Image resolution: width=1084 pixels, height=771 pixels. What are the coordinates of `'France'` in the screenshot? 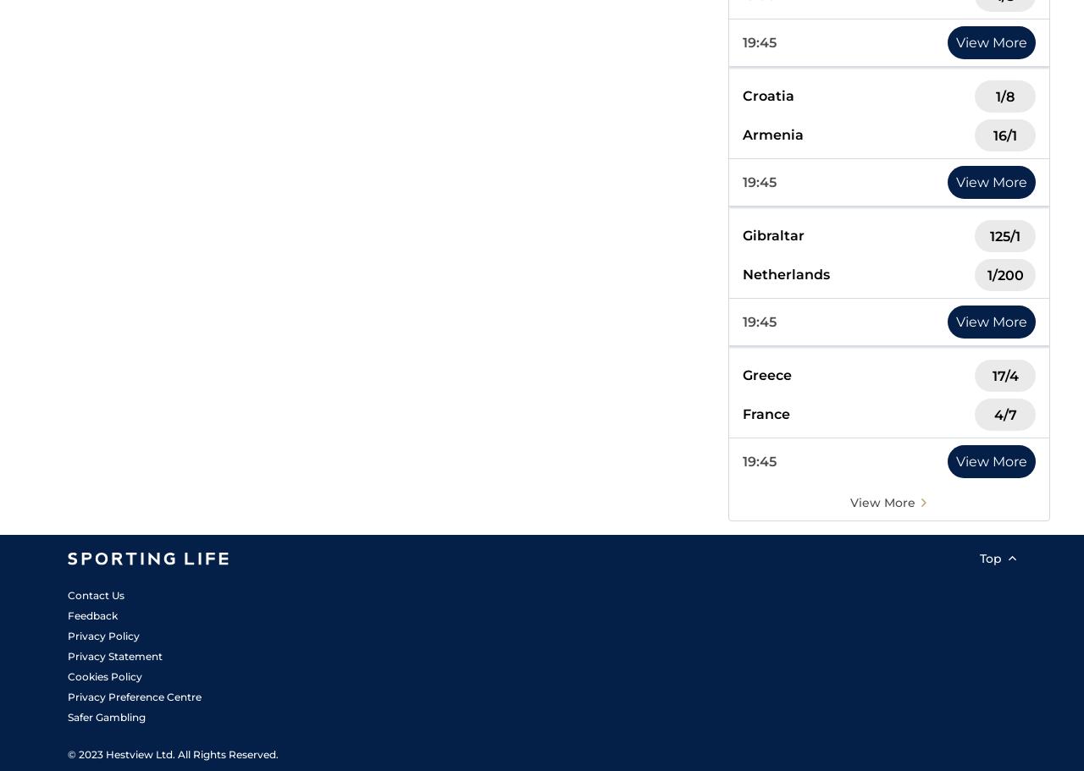 It's located at (765, 413).